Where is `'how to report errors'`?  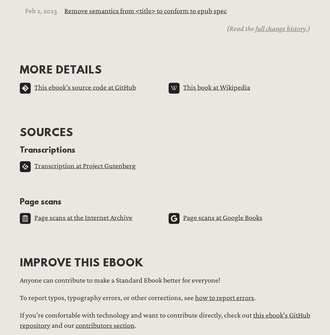 'how to report errors' is located at coordinates (224, 297).